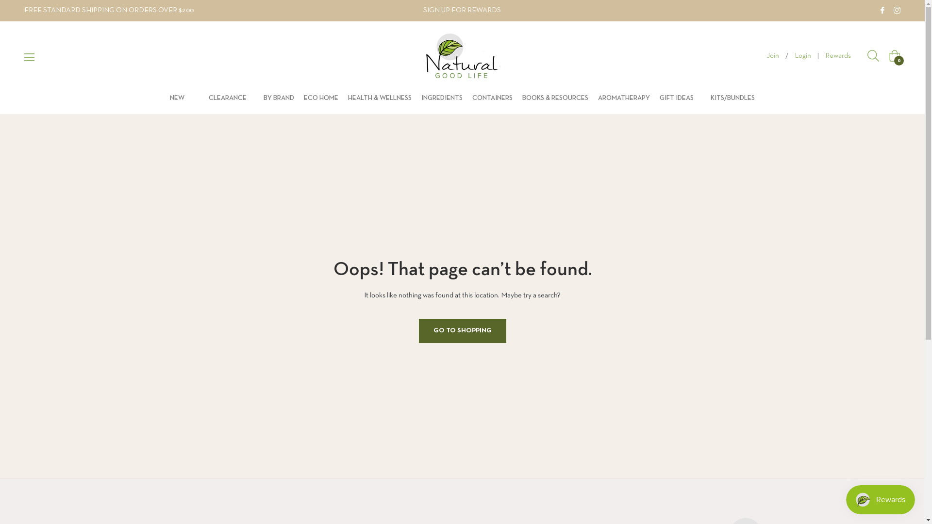  What do you see at coordinates (772, 56) in the screenshot?
I see `'Join'` at bounding box center [772, 56].